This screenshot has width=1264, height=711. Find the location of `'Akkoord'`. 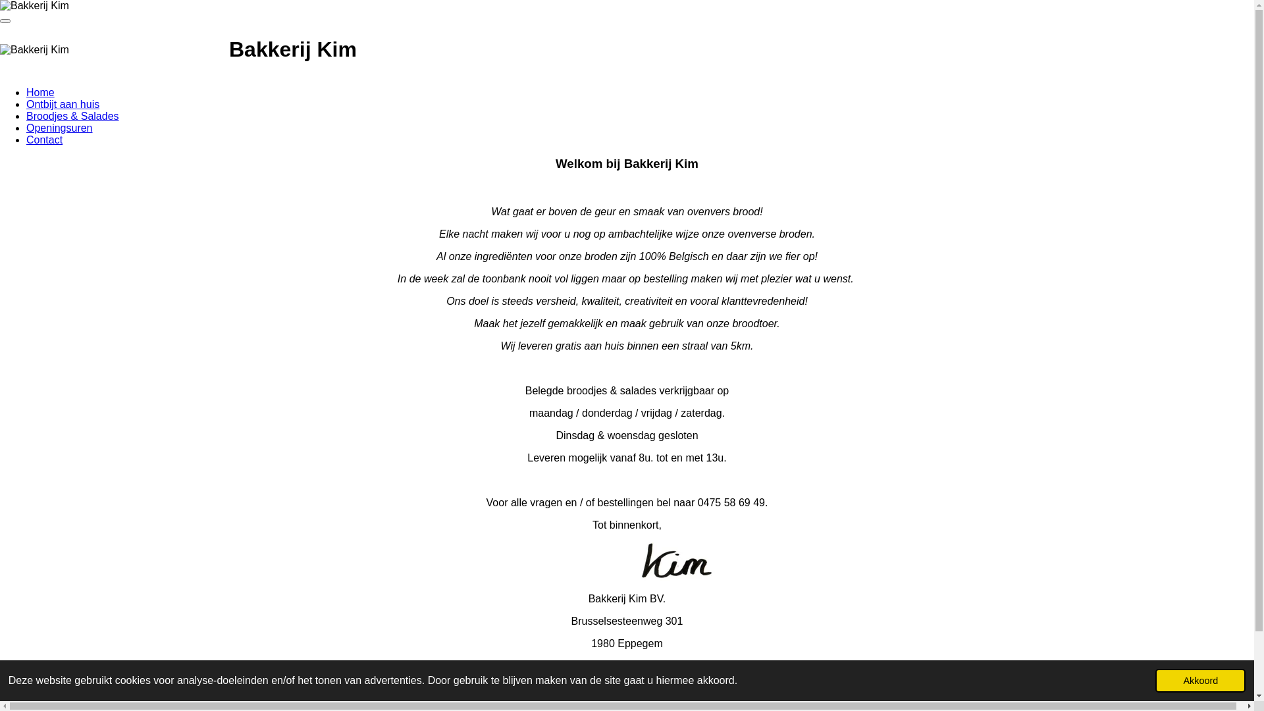

'Akkoord' is located at coordinates (1200, 680).